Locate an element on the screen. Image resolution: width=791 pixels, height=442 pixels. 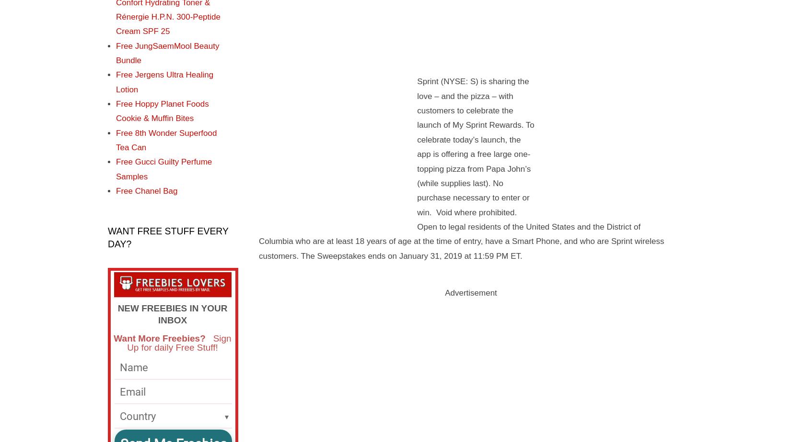
'and the' is located at coordinates (591, 226).